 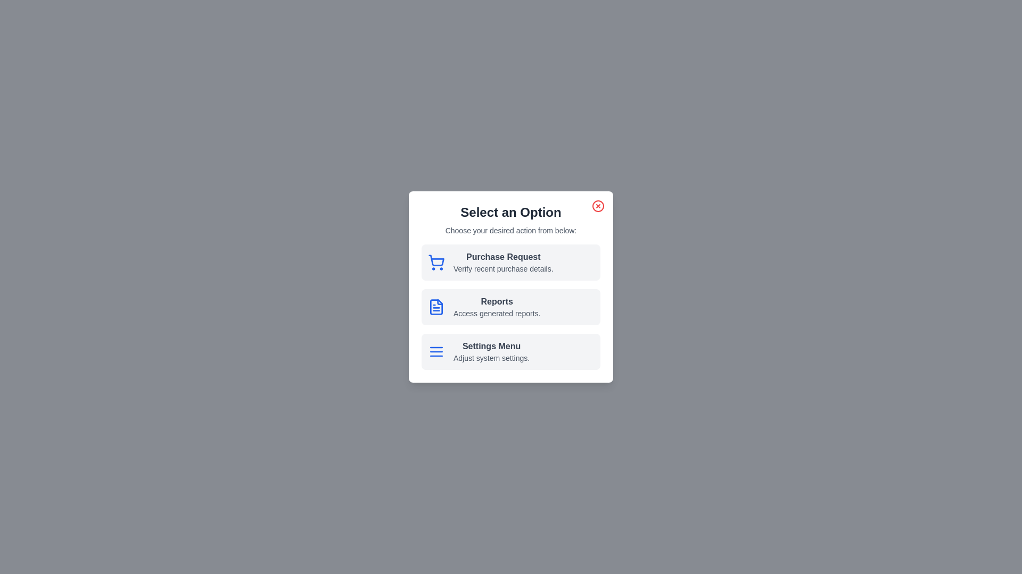 I want to click on the close button to dismiss the dialog, so click(x=598, y=206).